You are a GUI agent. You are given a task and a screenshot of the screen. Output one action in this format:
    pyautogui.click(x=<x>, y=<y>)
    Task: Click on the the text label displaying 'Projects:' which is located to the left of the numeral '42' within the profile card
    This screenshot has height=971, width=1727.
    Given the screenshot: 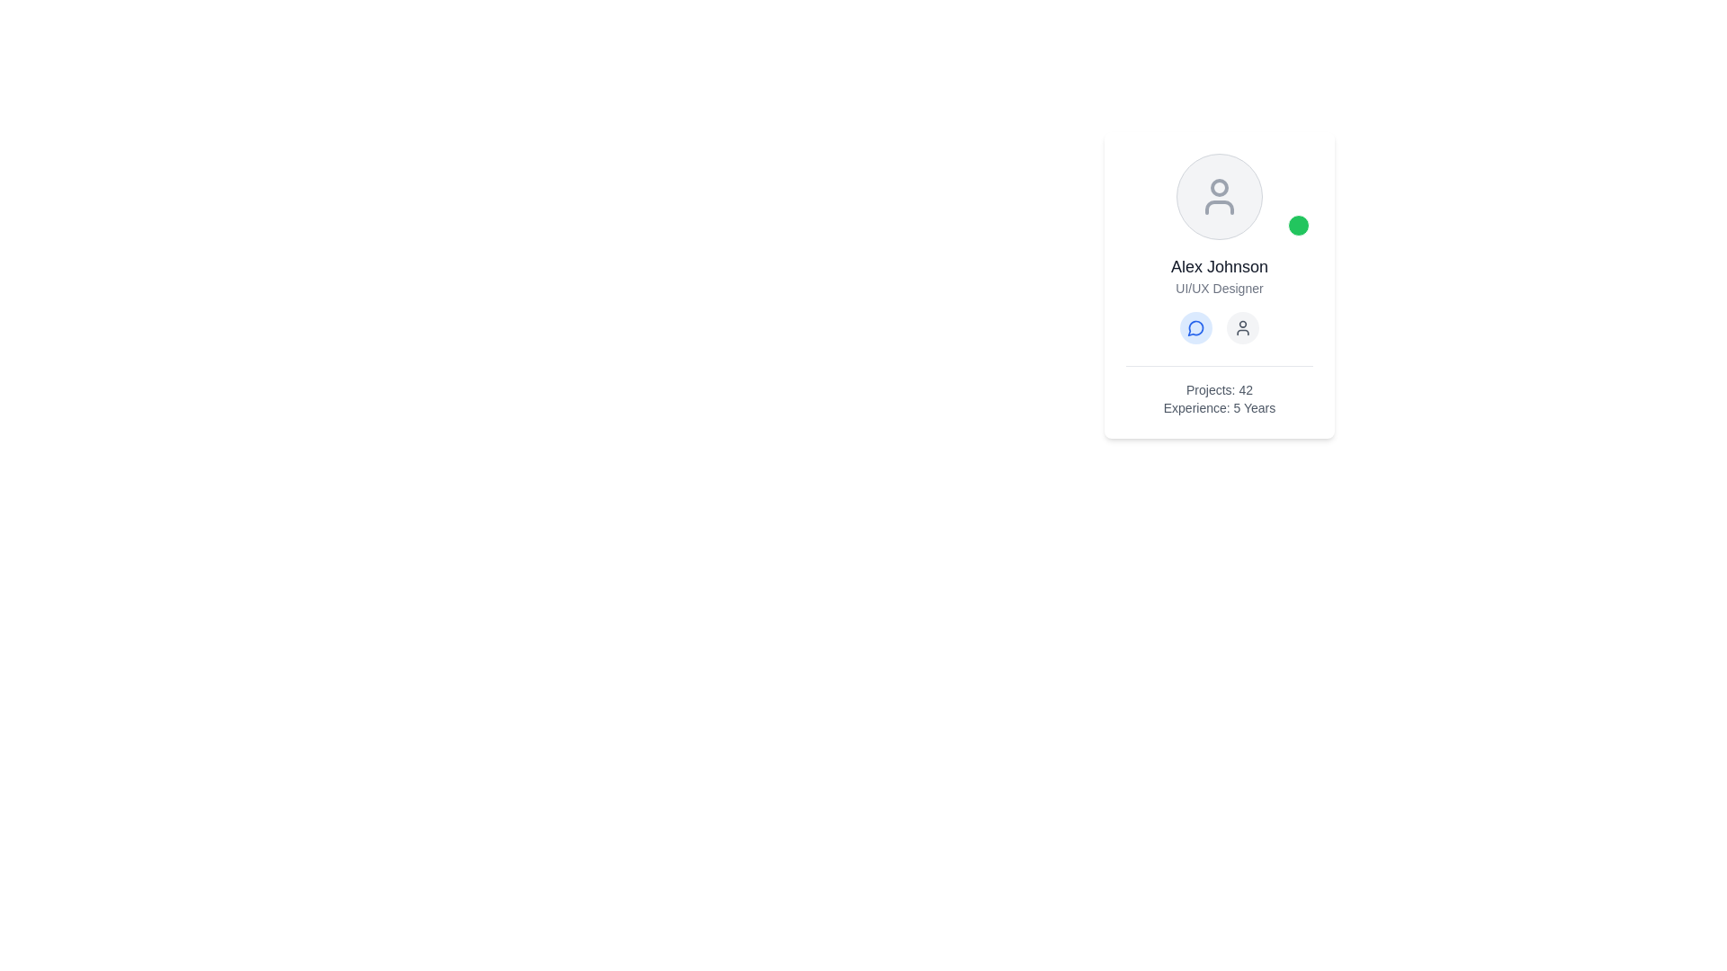 What is the action you would take?
    pyautogui.click(x=1211, y=389)
    